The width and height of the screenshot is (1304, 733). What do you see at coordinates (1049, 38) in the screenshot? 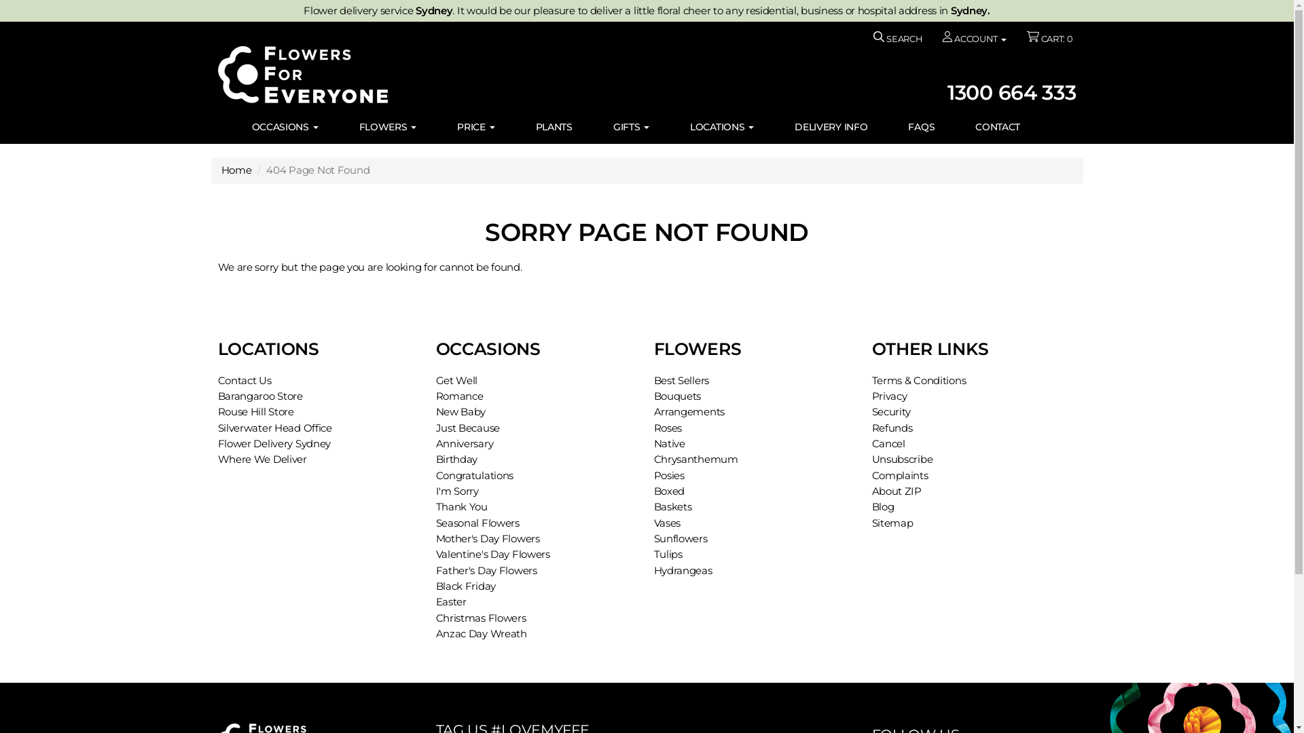
I see `'CART: 0'` at bounding box center [1049, 38].